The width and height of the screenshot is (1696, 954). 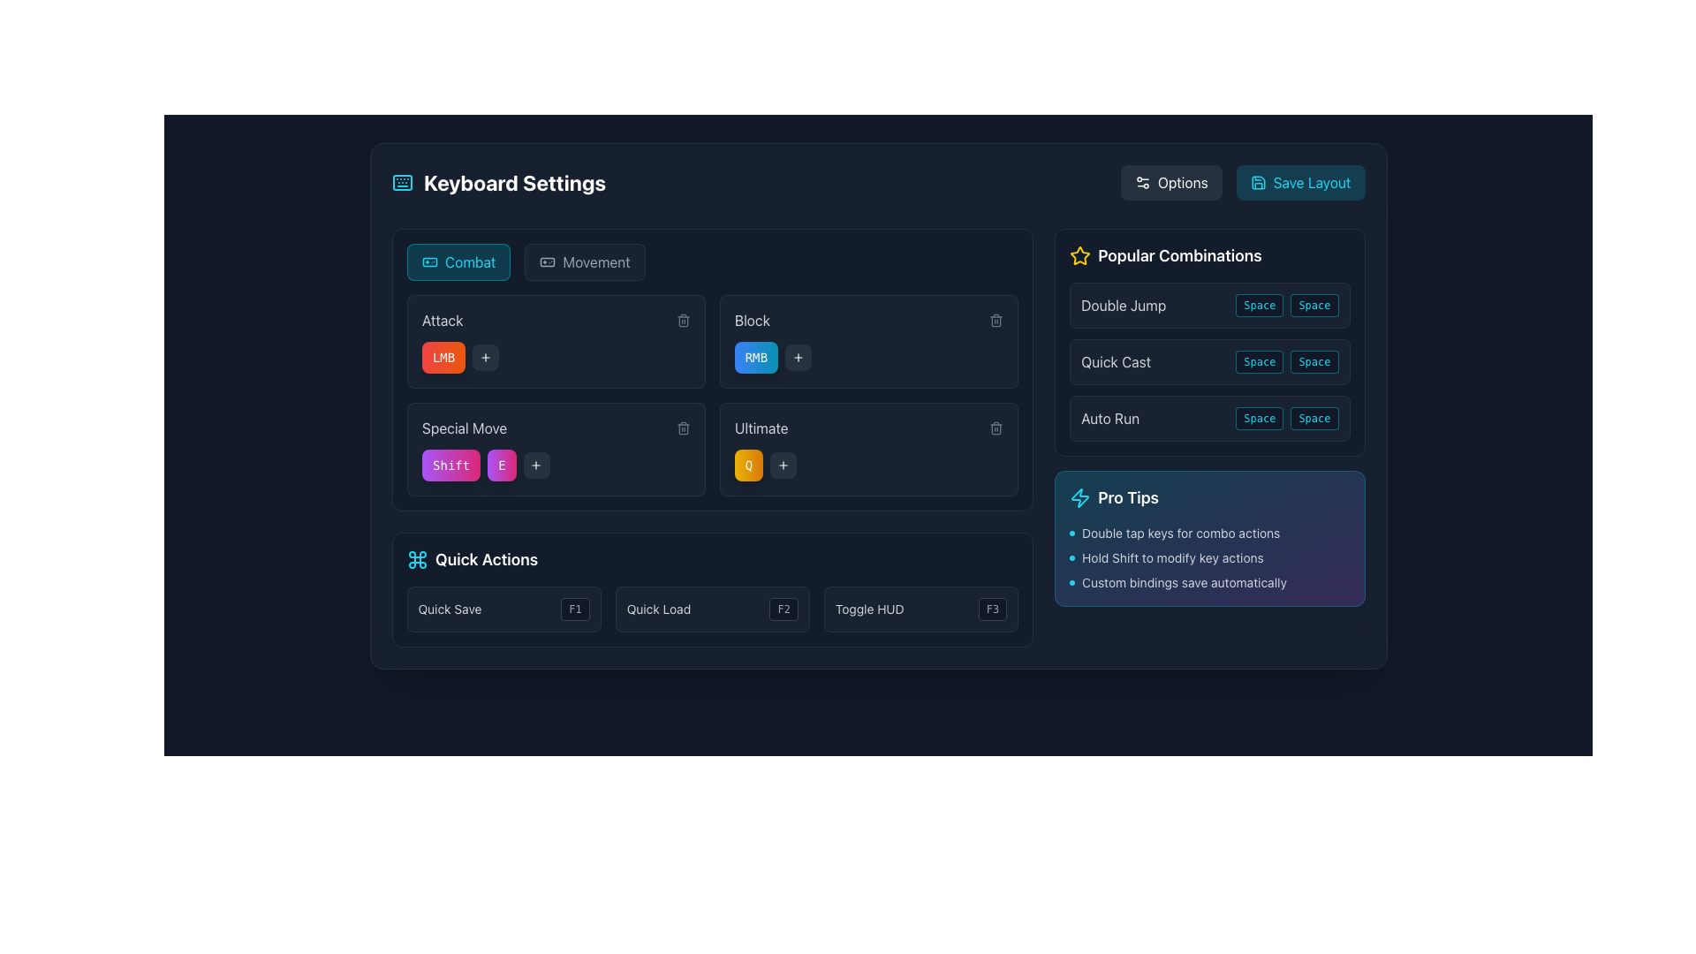 I want to click on the small square plus sign icon located in the 'Keyboard Settings' section, aligned to the right of the 'LMB' button, so click(x=535, y=465).